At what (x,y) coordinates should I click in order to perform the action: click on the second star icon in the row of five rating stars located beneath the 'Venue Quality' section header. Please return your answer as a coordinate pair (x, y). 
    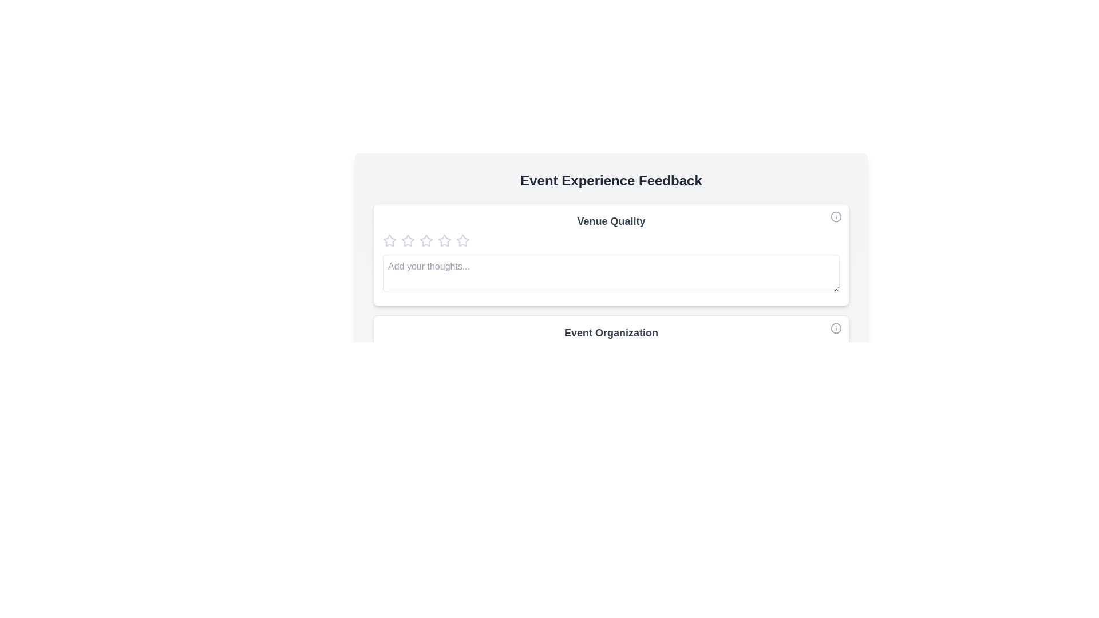
    Looking at the image, I should click on (425, 240).